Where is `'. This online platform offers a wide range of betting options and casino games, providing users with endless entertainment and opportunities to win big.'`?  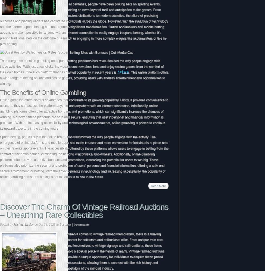
'. This online platform offers a wide range of betting options and casino games, providing users with endless entertainment and opportunities to win big.' is located at coordinates (84, 78).